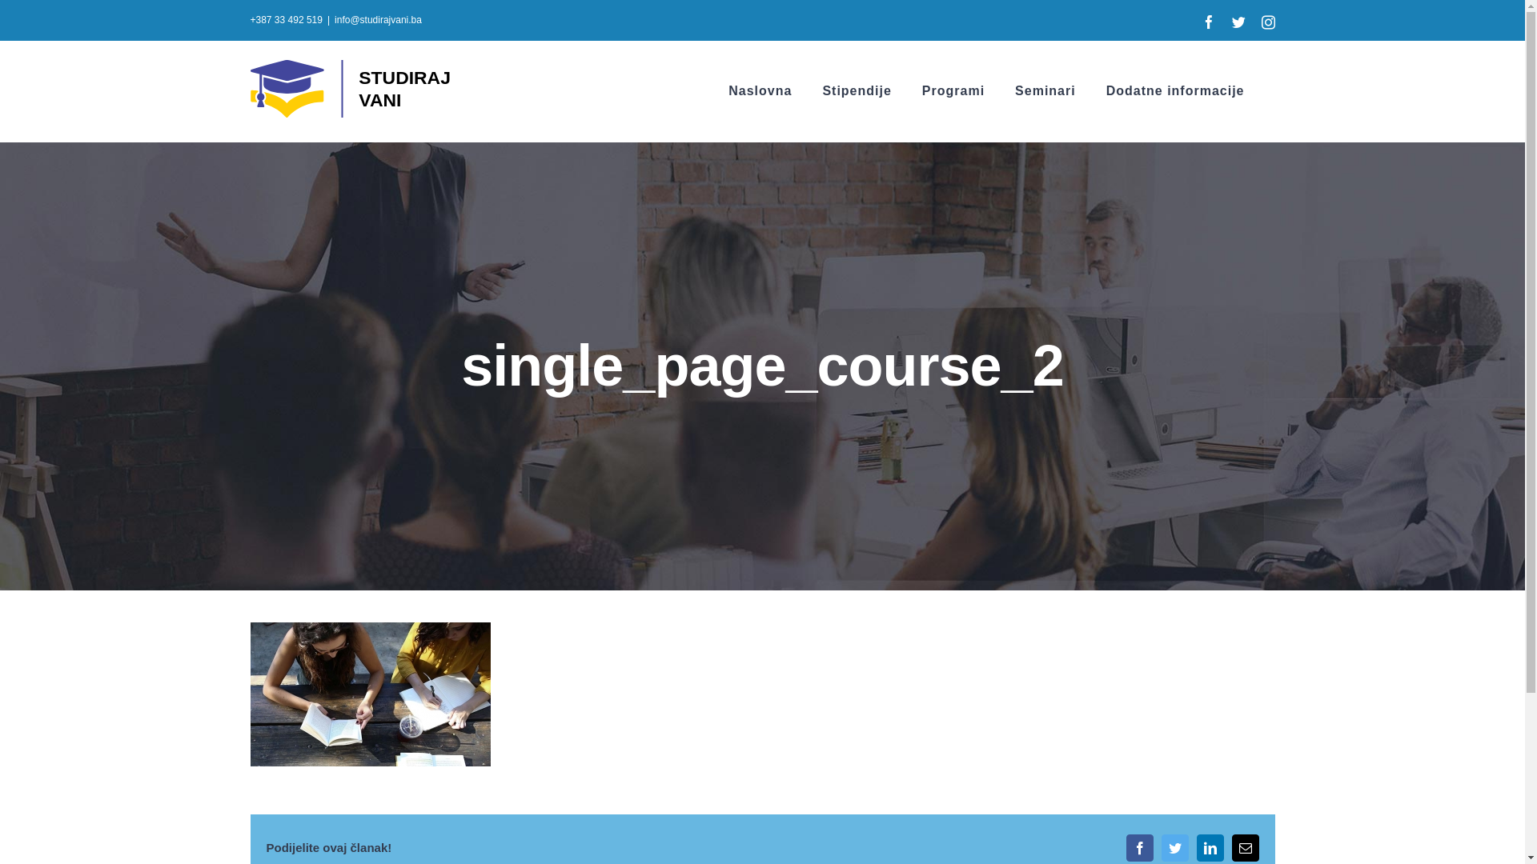 This screenshot has height=864, width=1537. What do you see at coordinates (856, 91) in the screenshot?
I see `'Stipendije'` at bounding box center [856, 91].